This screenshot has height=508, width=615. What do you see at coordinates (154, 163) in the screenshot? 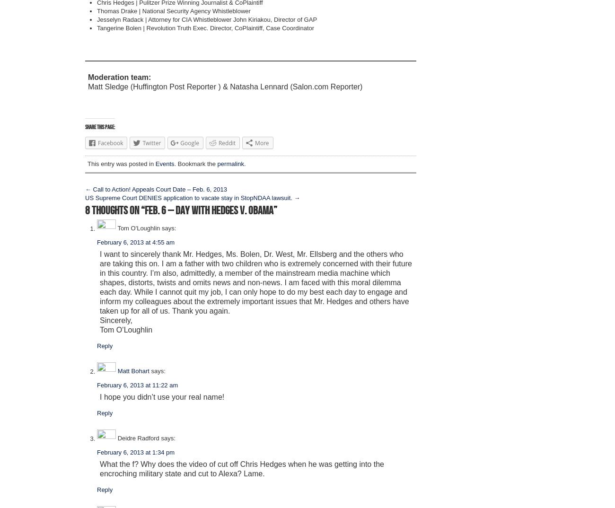
I see `'Events'` at bounding box center [154, 163].